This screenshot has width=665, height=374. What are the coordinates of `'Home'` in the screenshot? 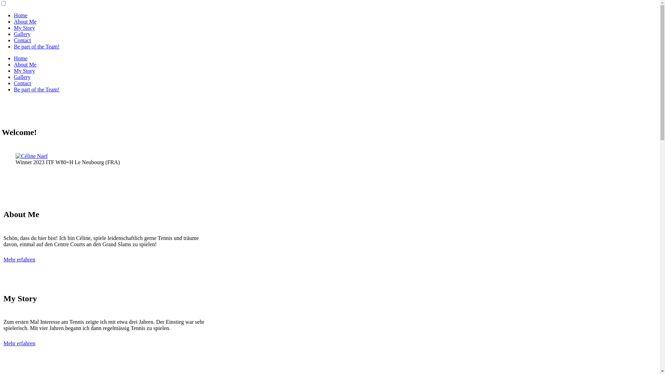 It's located at (20, 58).